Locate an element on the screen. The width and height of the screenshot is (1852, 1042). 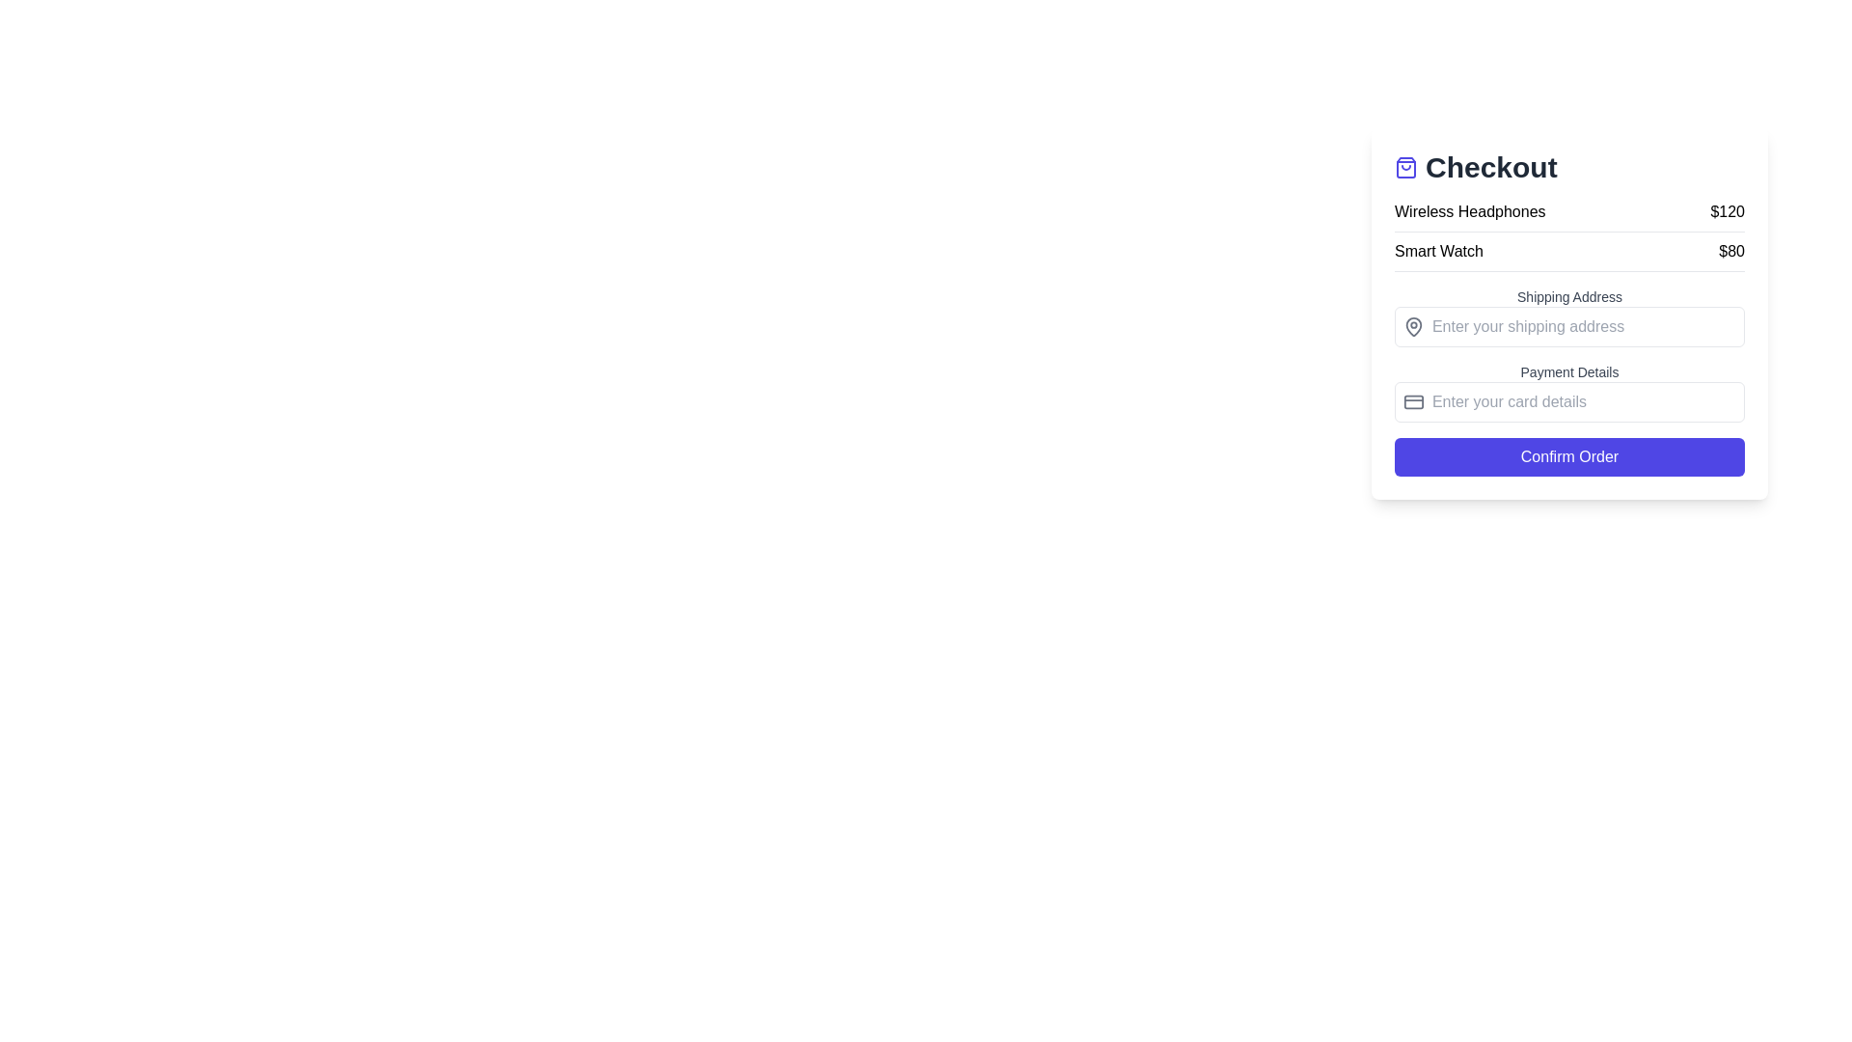
the label displaying the name of an item in the shopping checkout flow, located near the top-left corner of the itemized product list, aligned horizontally with the price tag '$120' is located at coordinates (1469, 211).